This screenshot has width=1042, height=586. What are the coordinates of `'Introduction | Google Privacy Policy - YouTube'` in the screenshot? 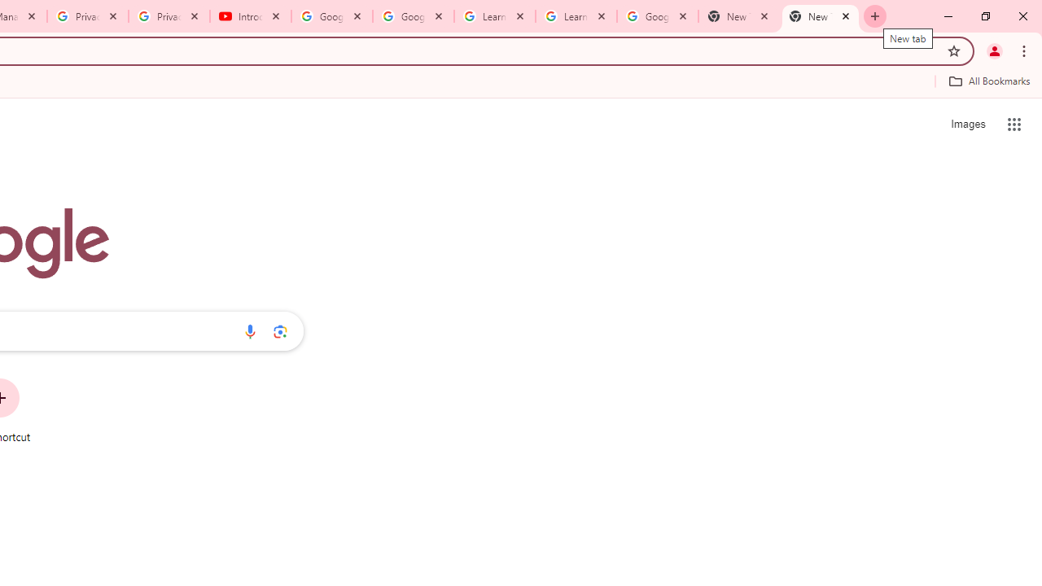 It's located at (250, 16).